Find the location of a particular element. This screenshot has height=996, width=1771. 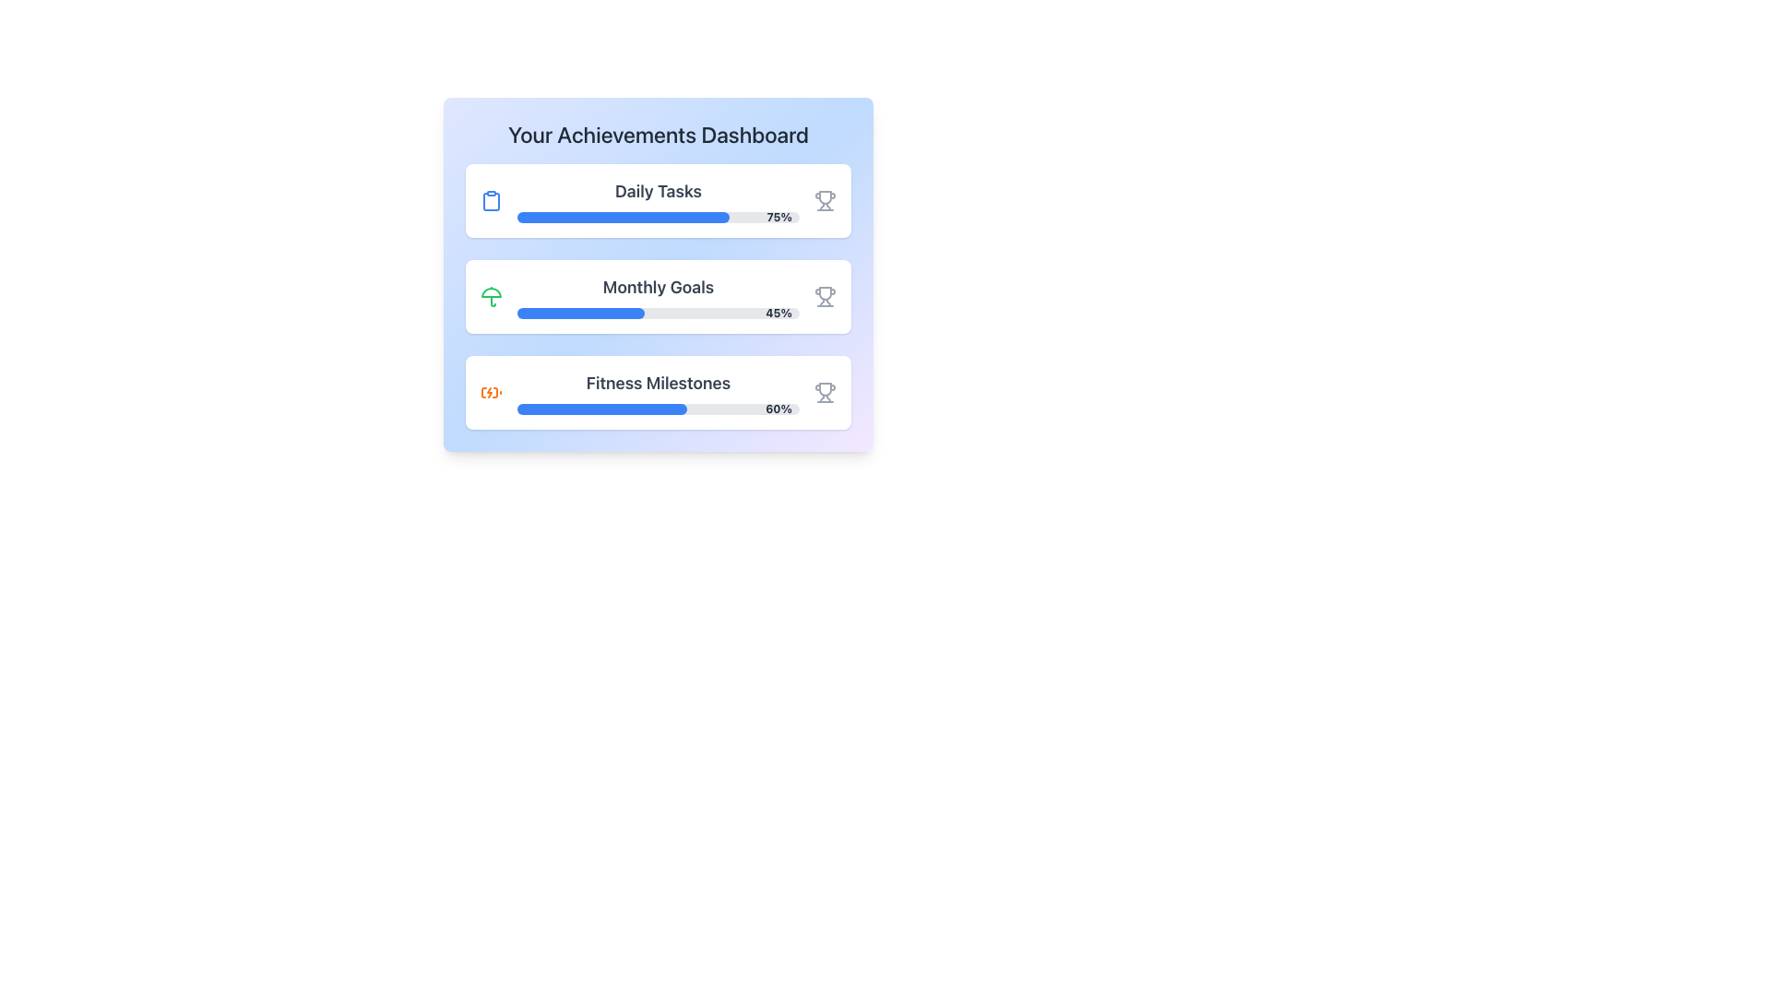

the text label displaying the percentage value of the completion of the task or goal represented by the 'Daily Tasks' progress bar is located at coordinates (783, 216).